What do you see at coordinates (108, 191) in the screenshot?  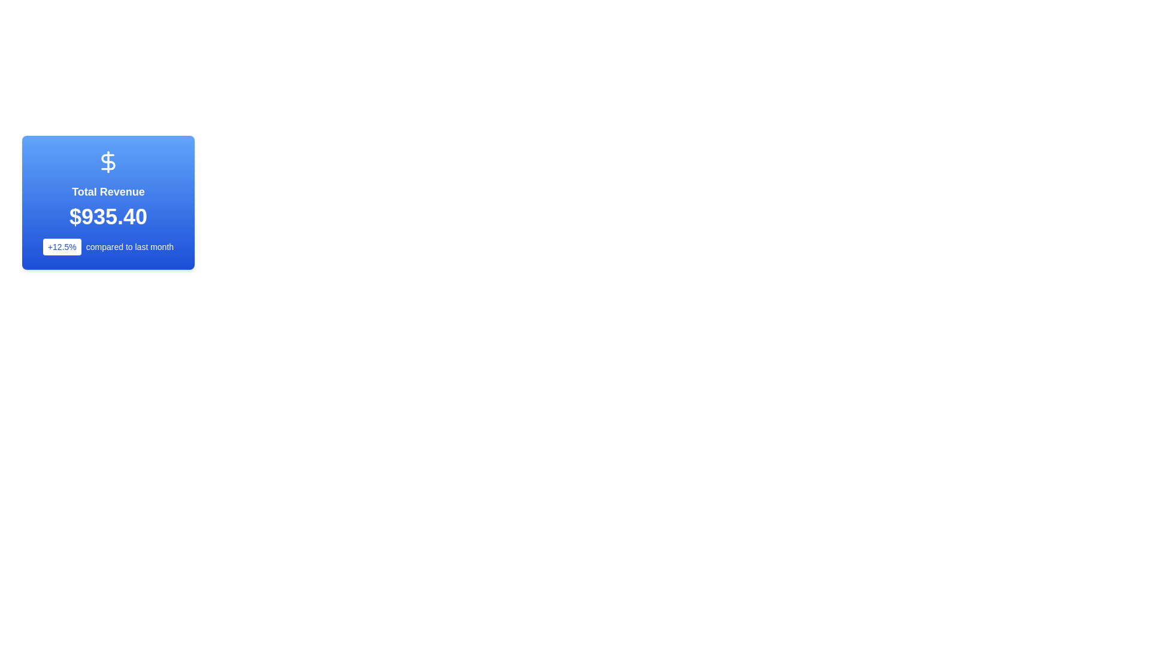 I see `the text label displaying 'Total Revenue', which is bold and large, located centrally at the top section of the interface, between a dollar sign icon and the total revenue value '$935.40'` at bounding box center [108, 191].